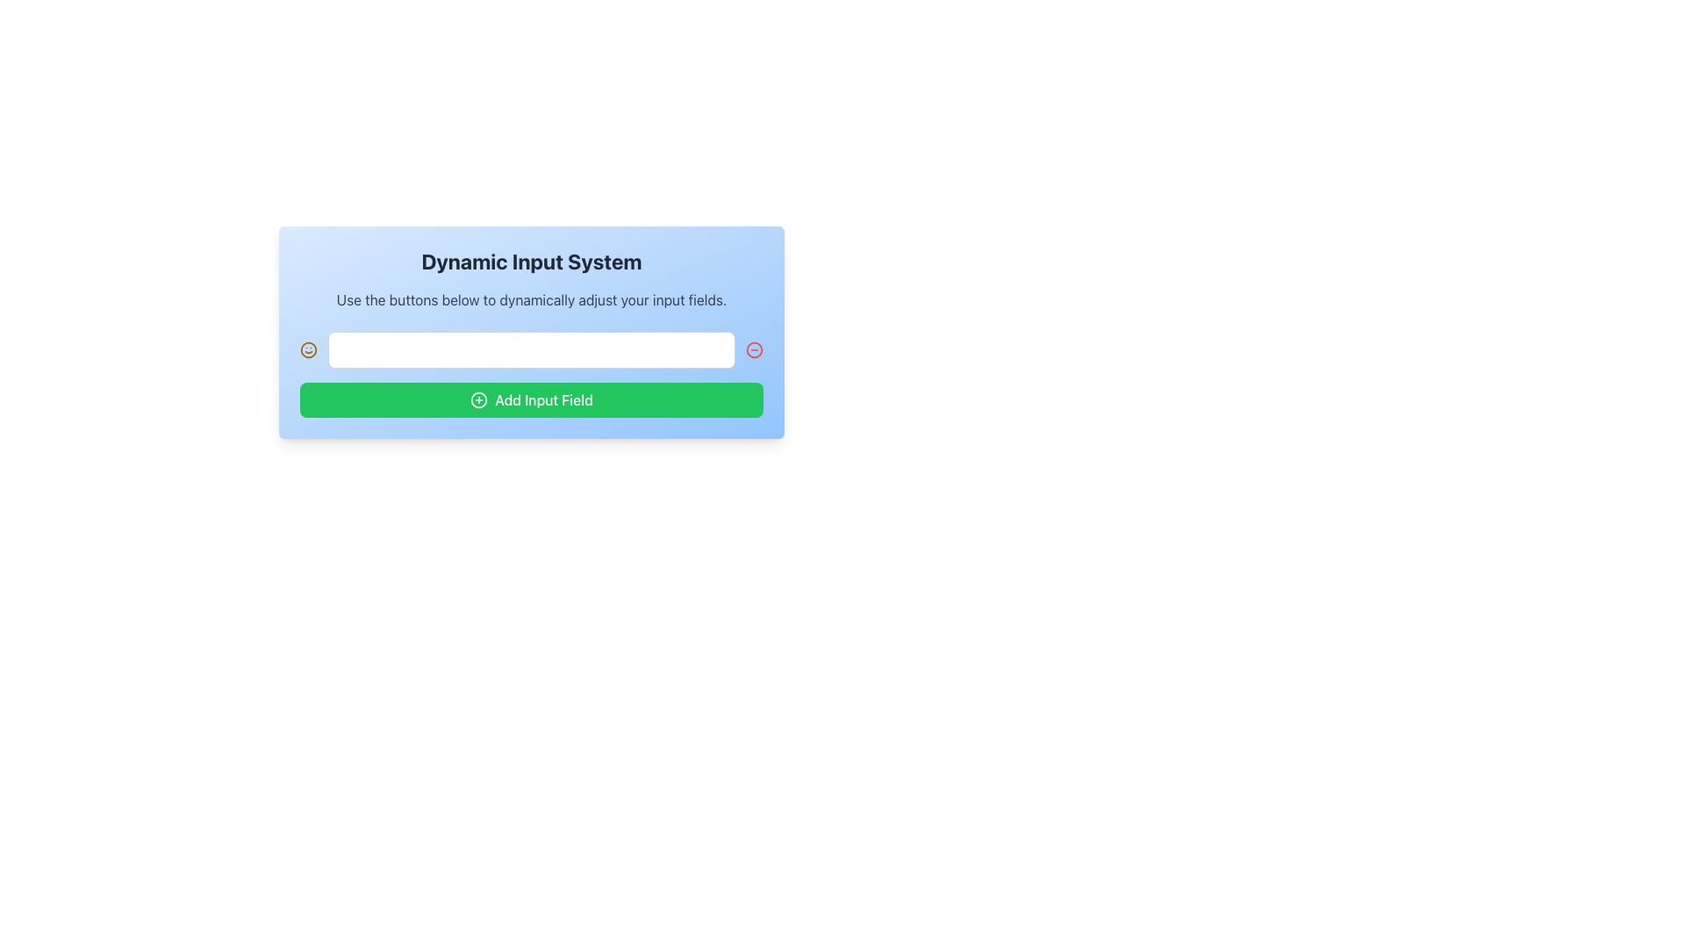 The height and width of the screenshot is (948, 1685). I want to click on the circular outline of the SVG graphical element, which is part of an icon located at the right end of the input component, so click(754, 349).